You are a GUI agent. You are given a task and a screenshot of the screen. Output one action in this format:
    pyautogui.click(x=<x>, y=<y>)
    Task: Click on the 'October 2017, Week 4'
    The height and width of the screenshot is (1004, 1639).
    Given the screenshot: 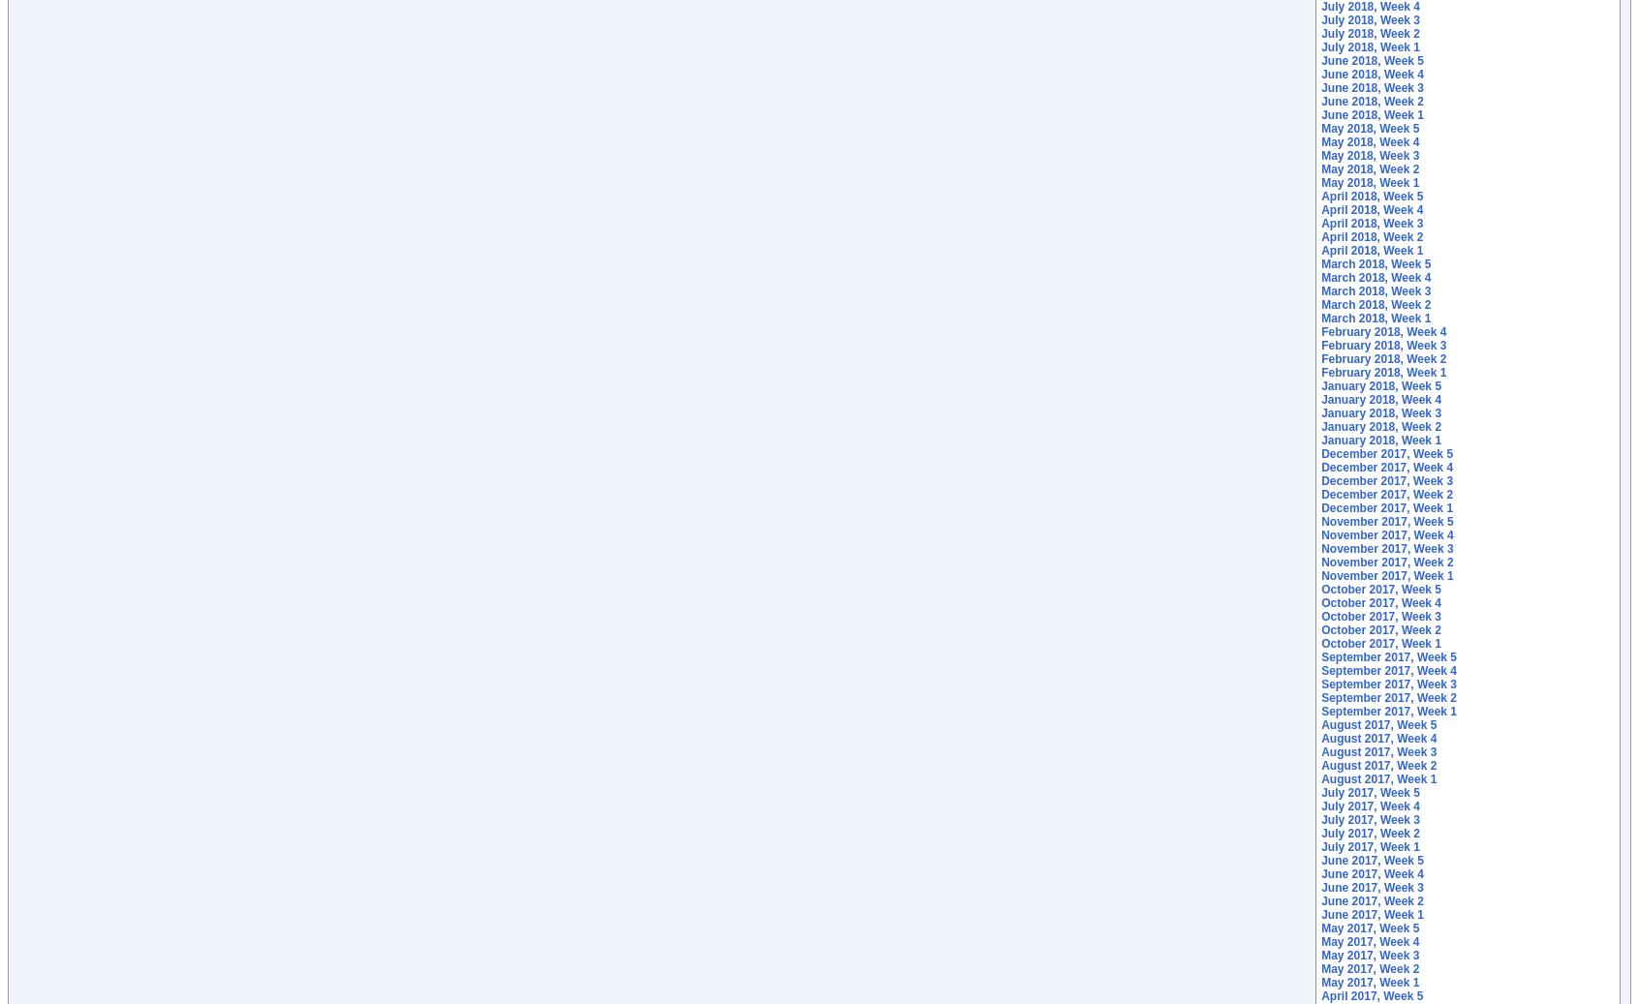 What is the action you would take?
    pyautogui.click(x=1380, y=603)
    